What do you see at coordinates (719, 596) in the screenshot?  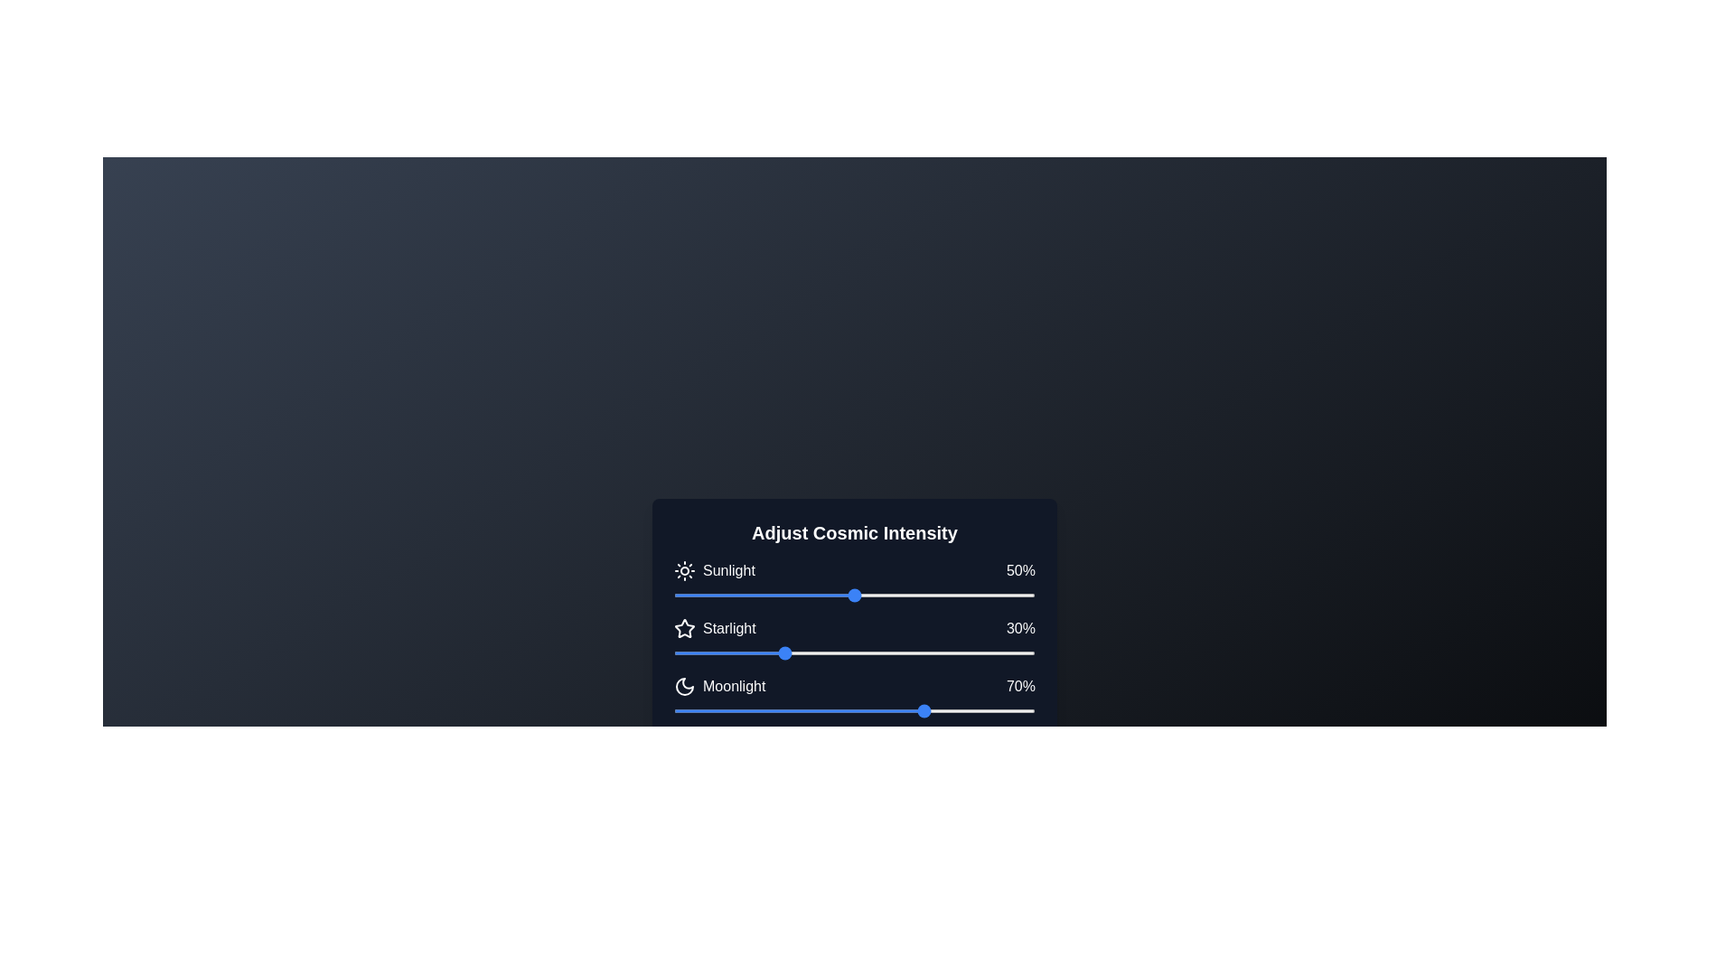 I see `the 'Sunlight' slider to 13% intensity` at bounding box center [719, 596].